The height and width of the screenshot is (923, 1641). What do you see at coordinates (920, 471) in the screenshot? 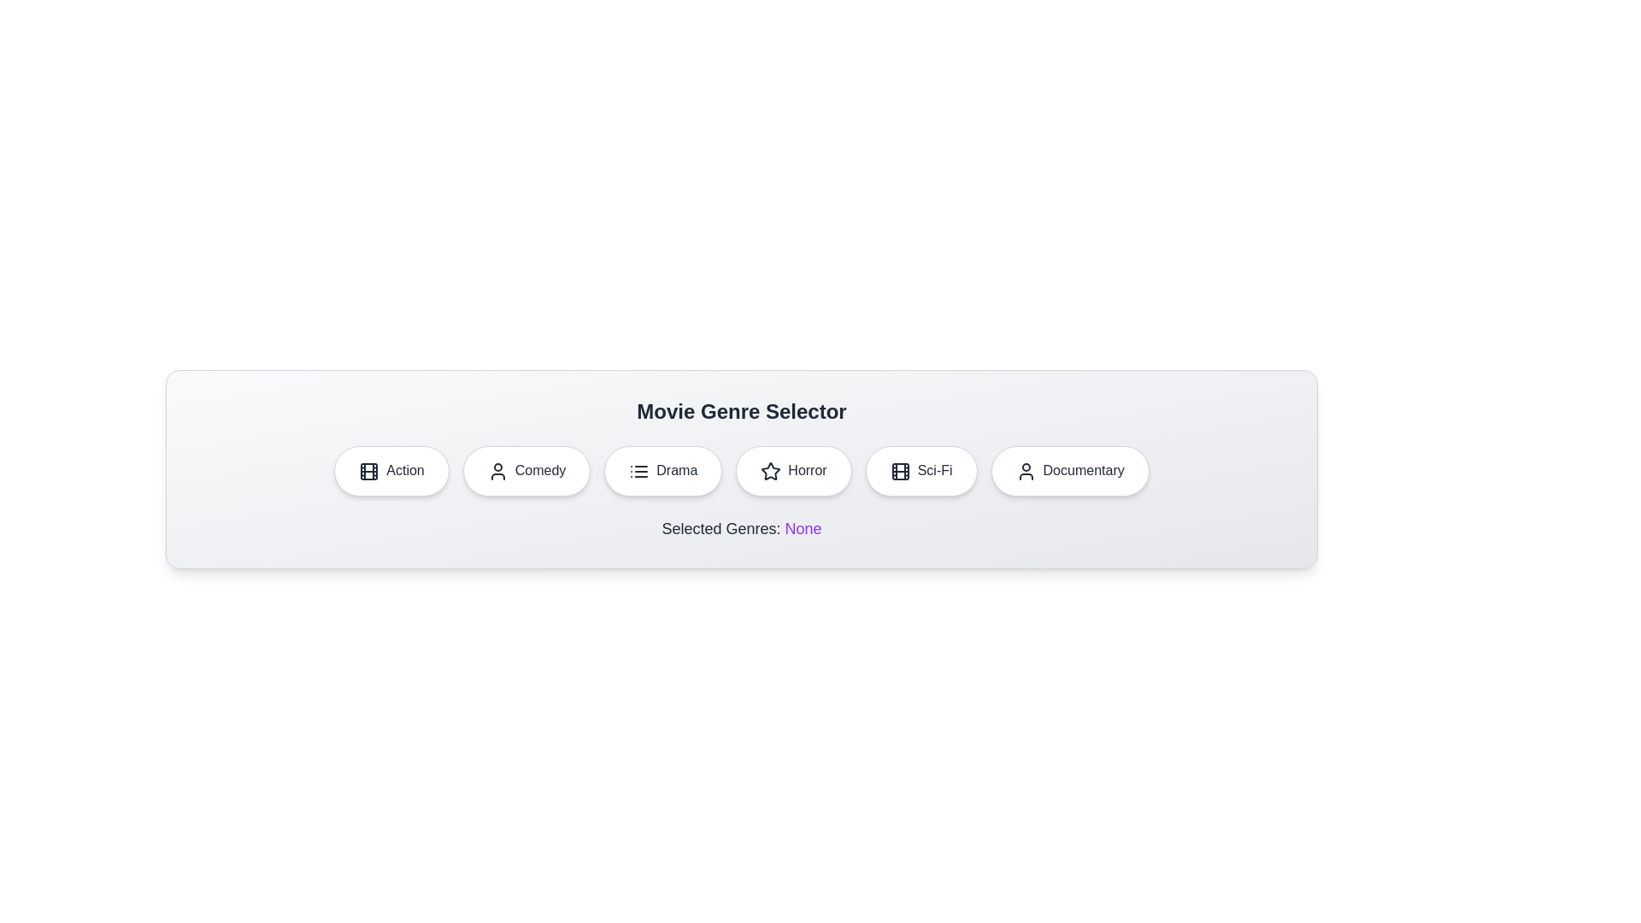
I see `the 'Sci-Fi' genre button, which is the fifth button from the left in the horizontal row of genre buttons` at bounding box center [920, 471].